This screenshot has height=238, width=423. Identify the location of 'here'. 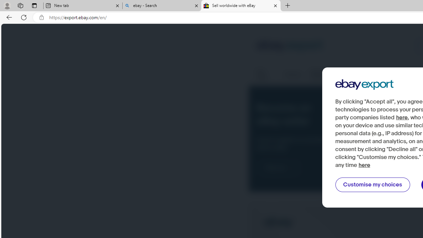
(364, 165).